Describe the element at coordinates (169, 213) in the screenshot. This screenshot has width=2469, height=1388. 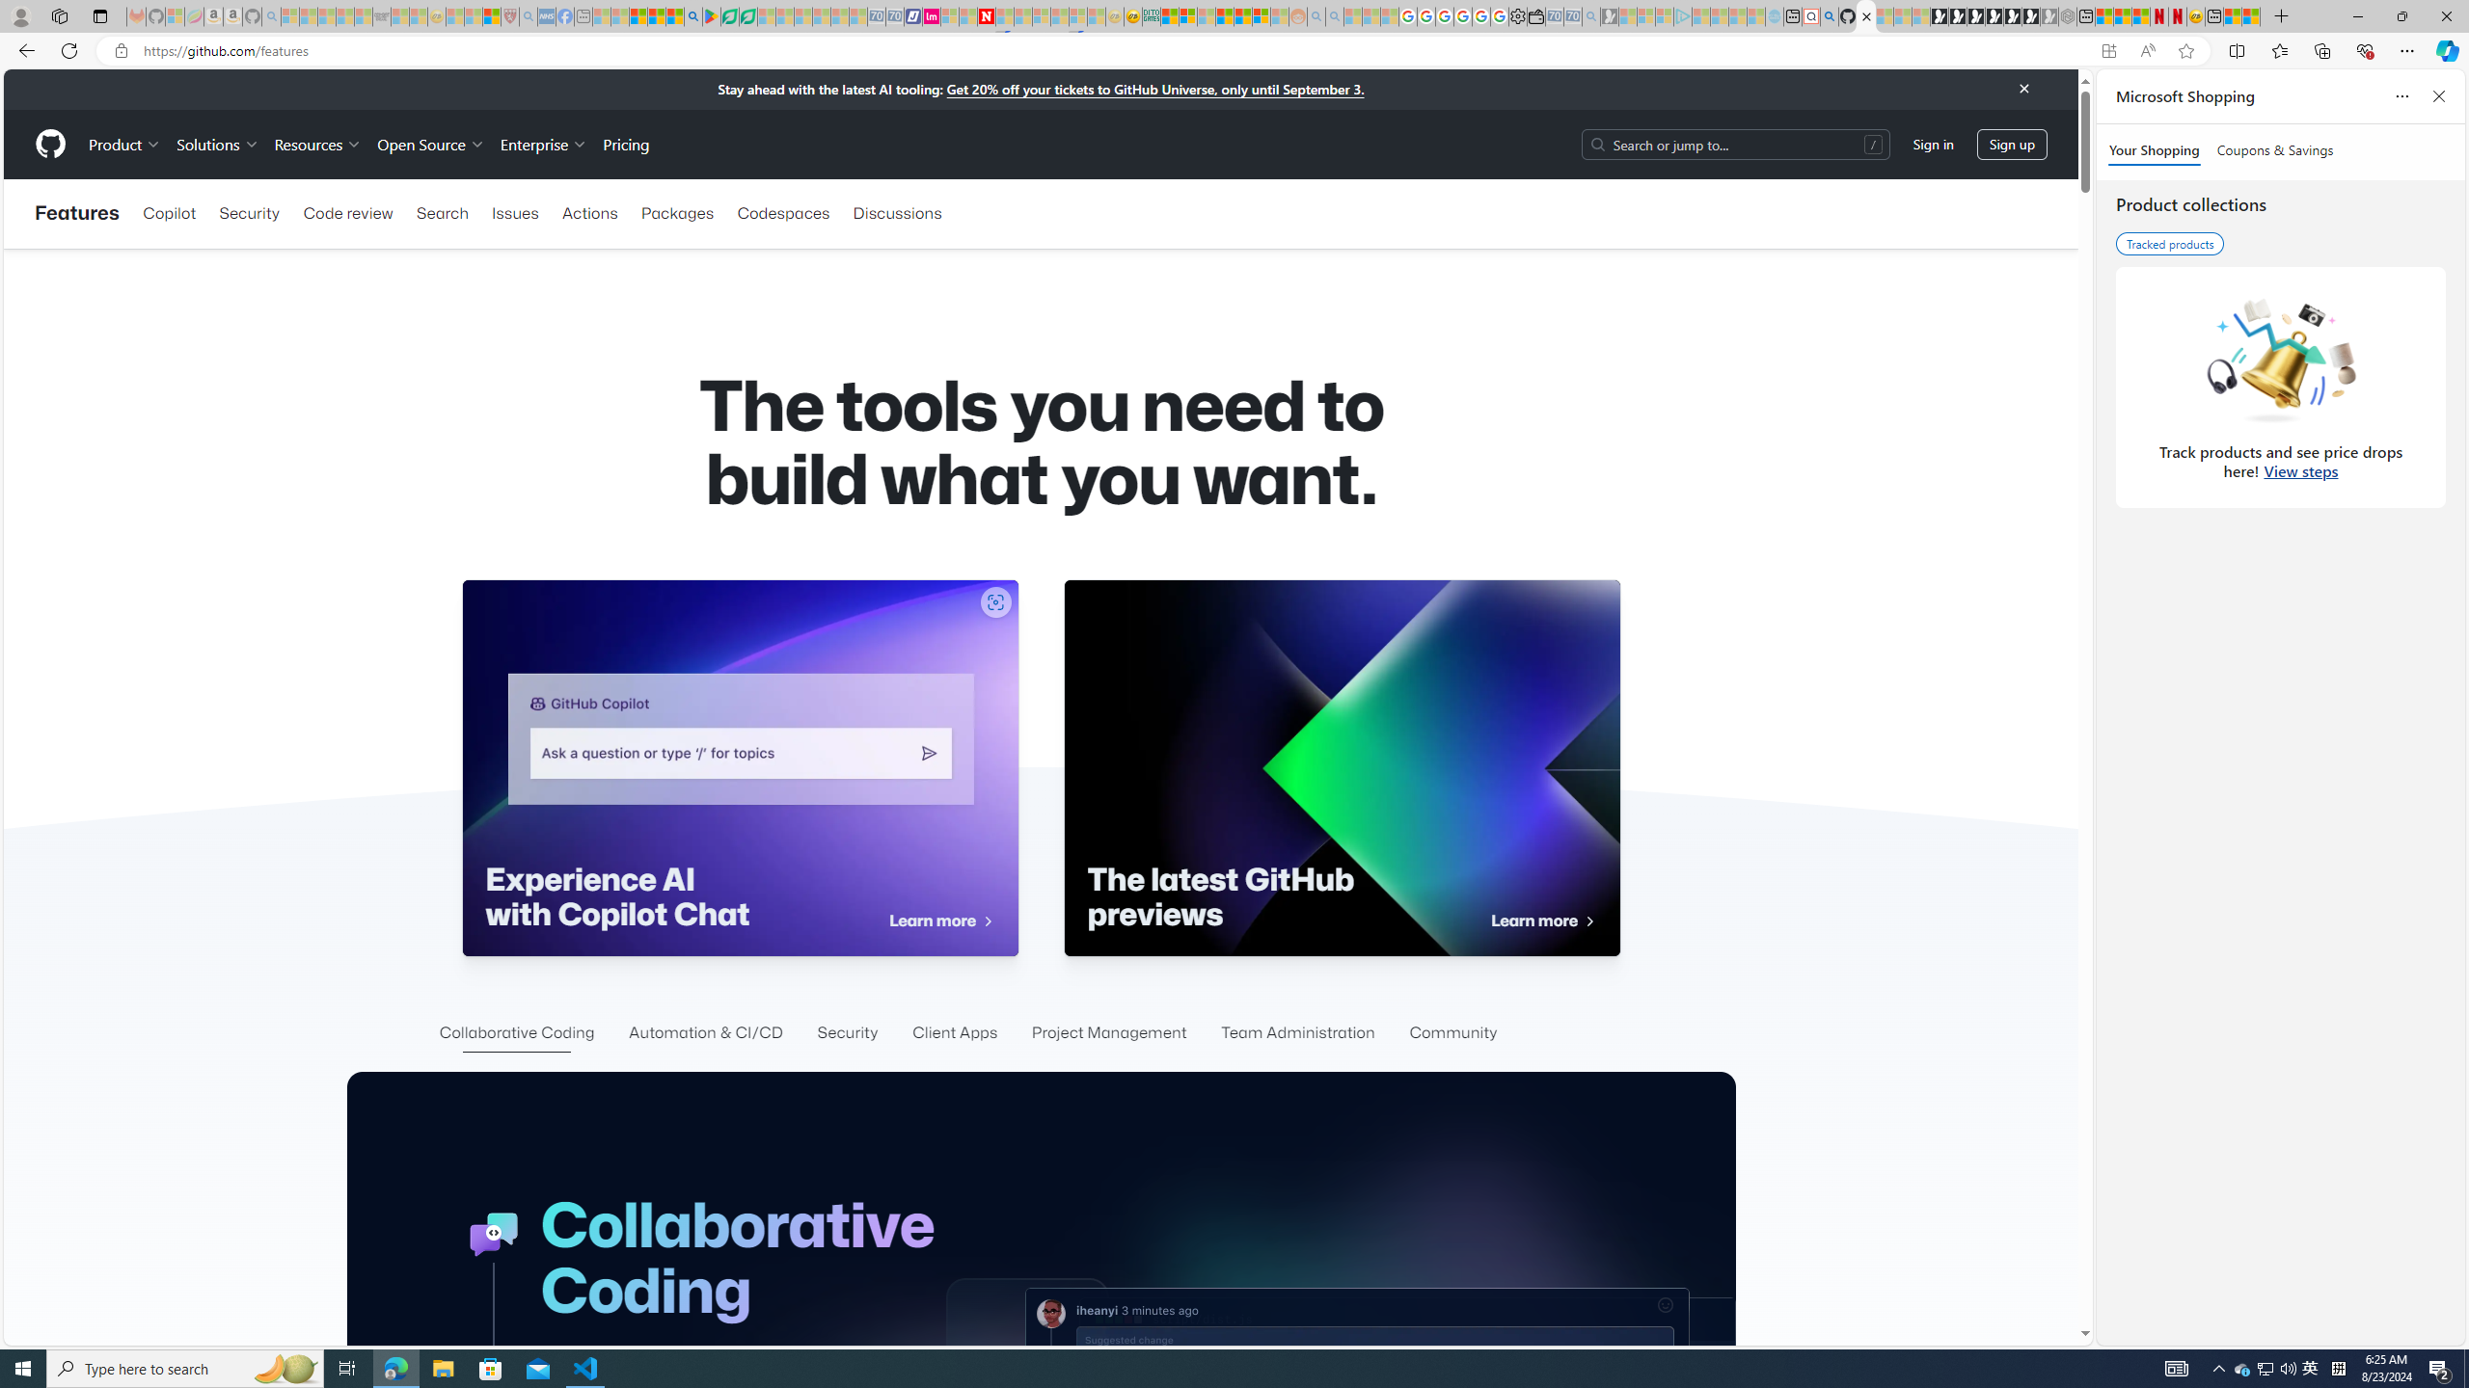
I see `'Copilot'` at that location.